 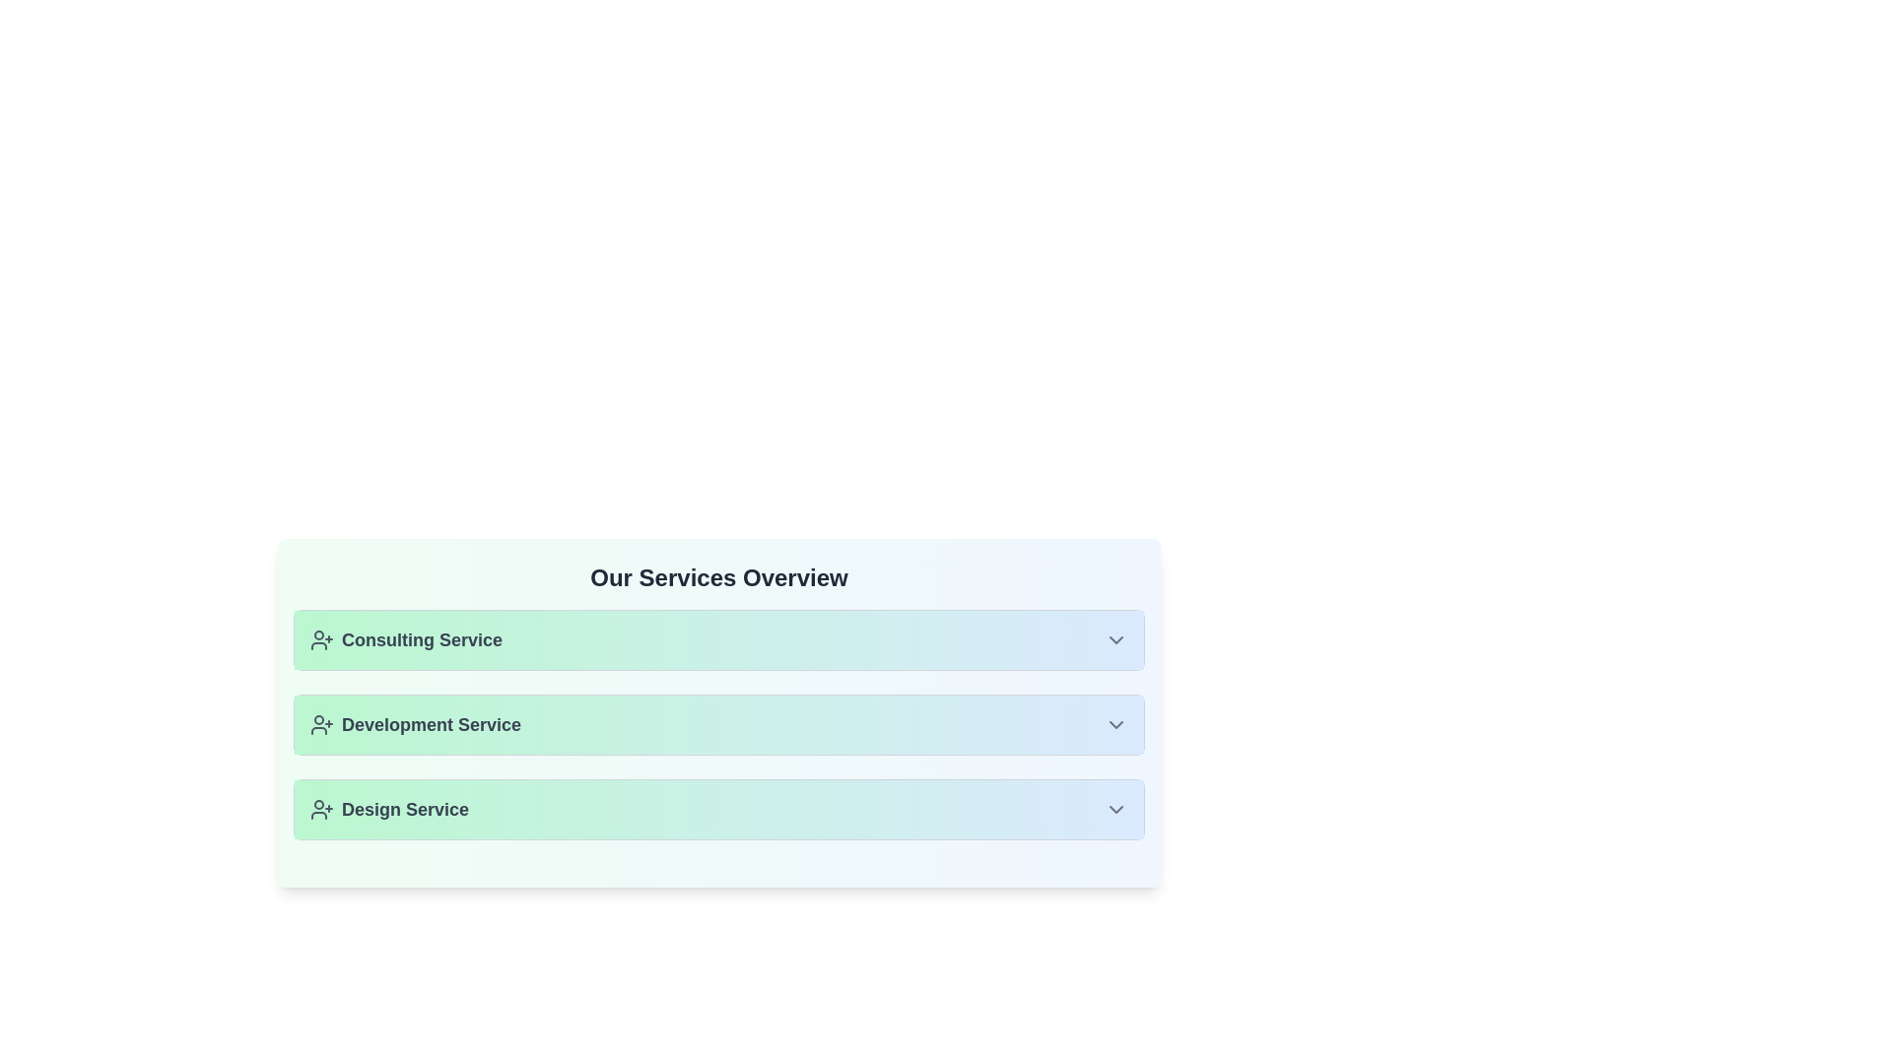 I want to click on the second selectable item in the service selection interface labeled 'Development Service', so click(x=717, y=725).